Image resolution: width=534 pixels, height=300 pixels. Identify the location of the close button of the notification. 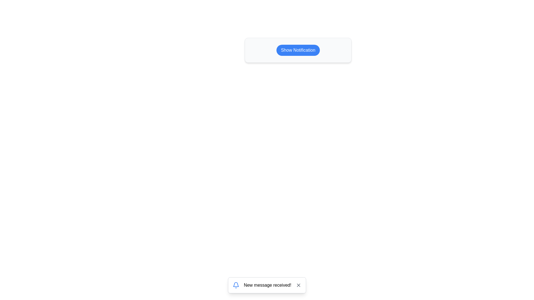
(298, 285).